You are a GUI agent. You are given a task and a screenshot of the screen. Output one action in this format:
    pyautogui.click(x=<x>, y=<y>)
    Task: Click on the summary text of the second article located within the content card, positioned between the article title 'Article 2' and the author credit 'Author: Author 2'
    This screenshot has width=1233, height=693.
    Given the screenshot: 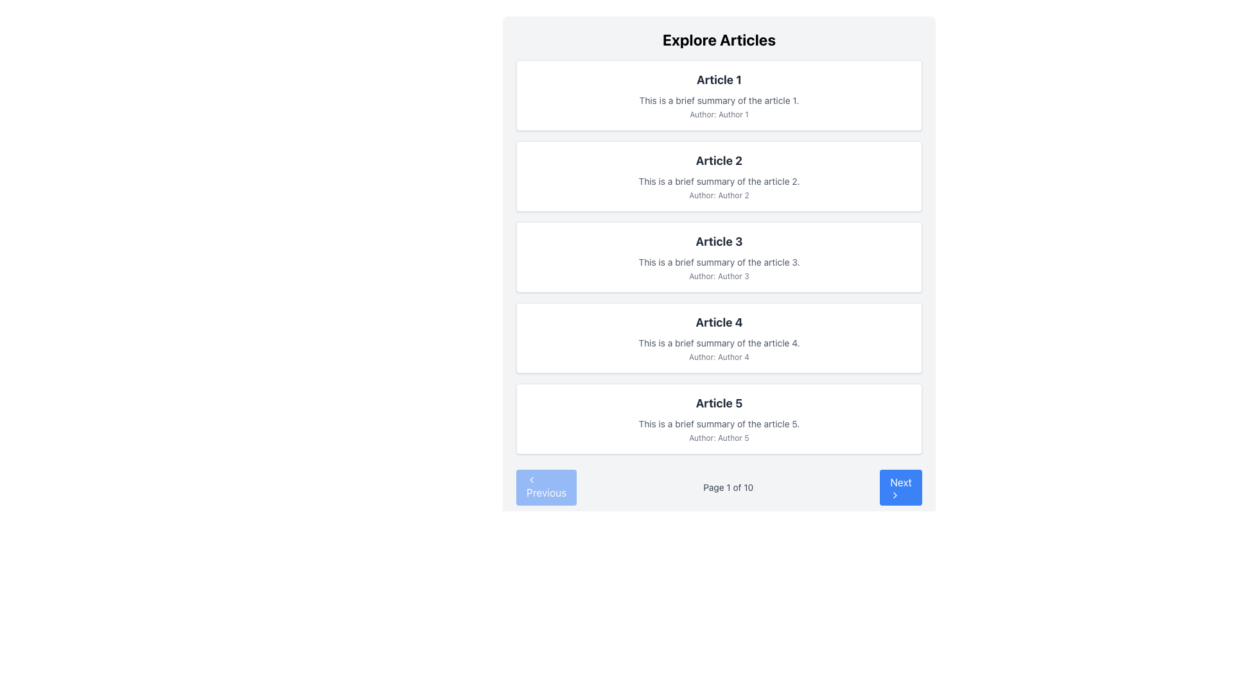 What is the action you would take?
    pyautogui.click(x=718, y=181)
    